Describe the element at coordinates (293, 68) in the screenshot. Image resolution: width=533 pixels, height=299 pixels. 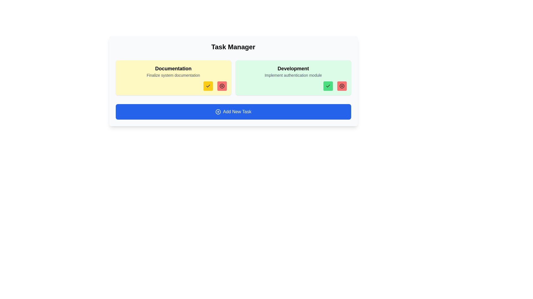
I see `the text element displaying 'Development', which is styled in bold and larger font, located at the top section of a green-themed card` at that location.